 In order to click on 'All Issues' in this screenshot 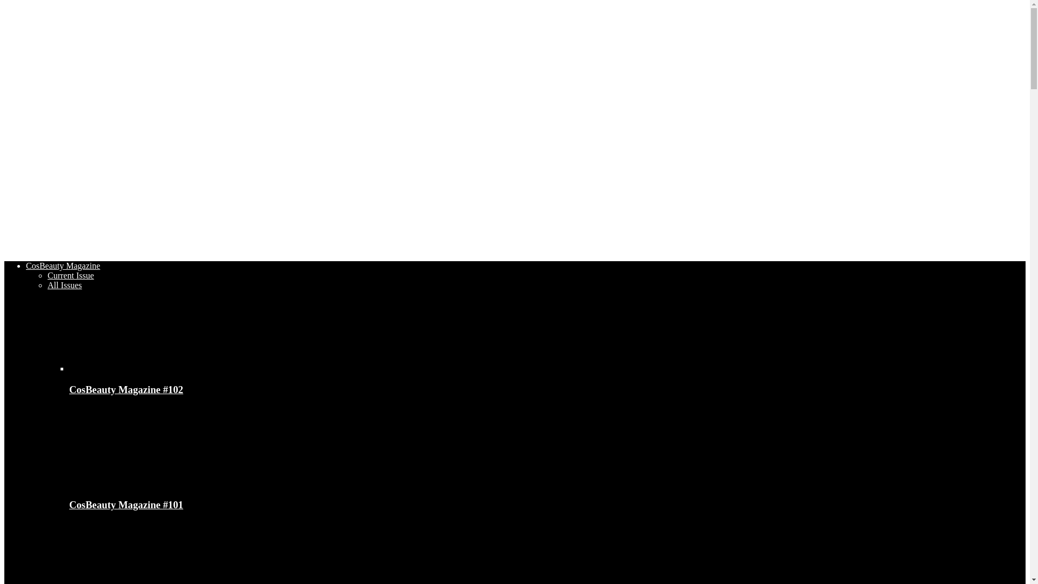, I will do `click(64, 284)`.